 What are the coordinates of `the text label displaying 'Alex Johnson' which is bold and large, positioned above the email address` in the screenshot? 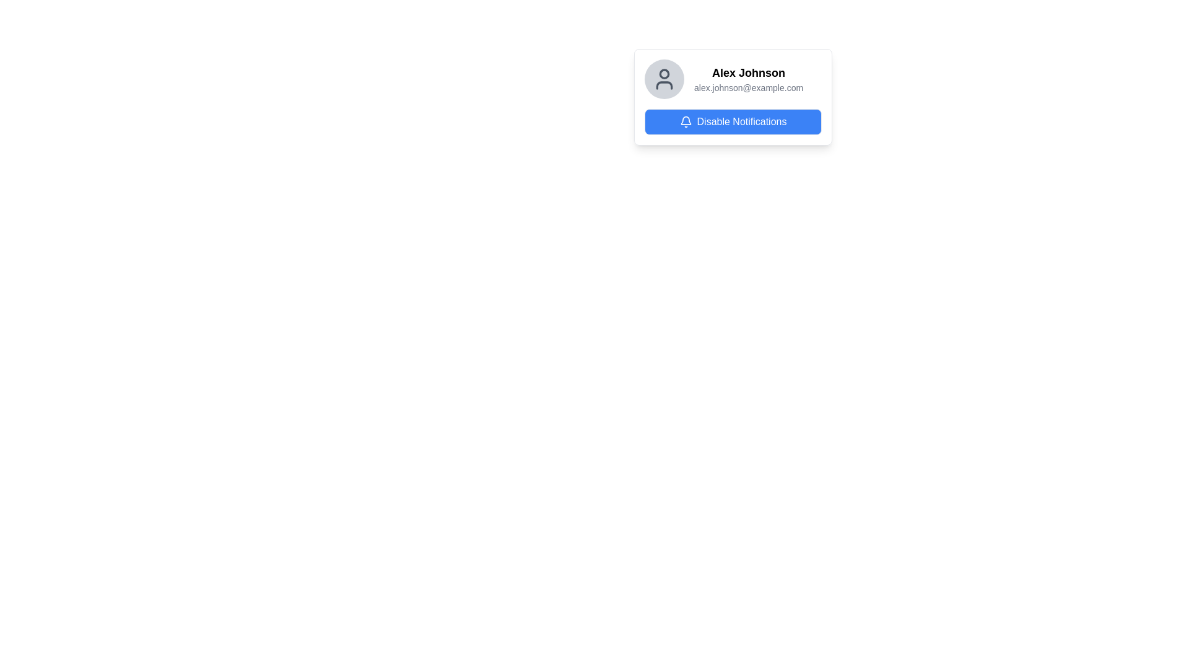 It's located at (748, 73).